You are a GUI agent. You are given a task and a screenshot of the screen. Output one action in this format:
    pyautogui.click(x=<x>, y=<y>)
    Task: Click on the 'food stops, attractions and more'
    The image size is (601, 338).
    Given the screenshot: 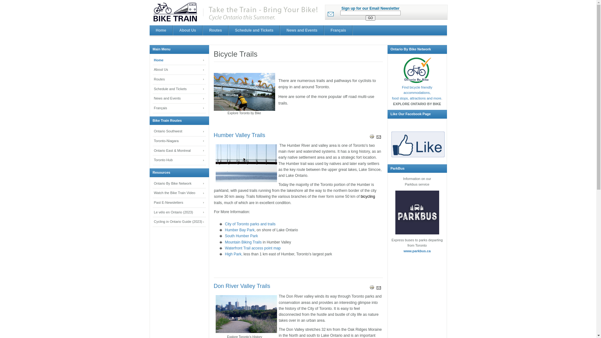 What is the action you would take?
    pyautogui.click(x=416, y=98)
    